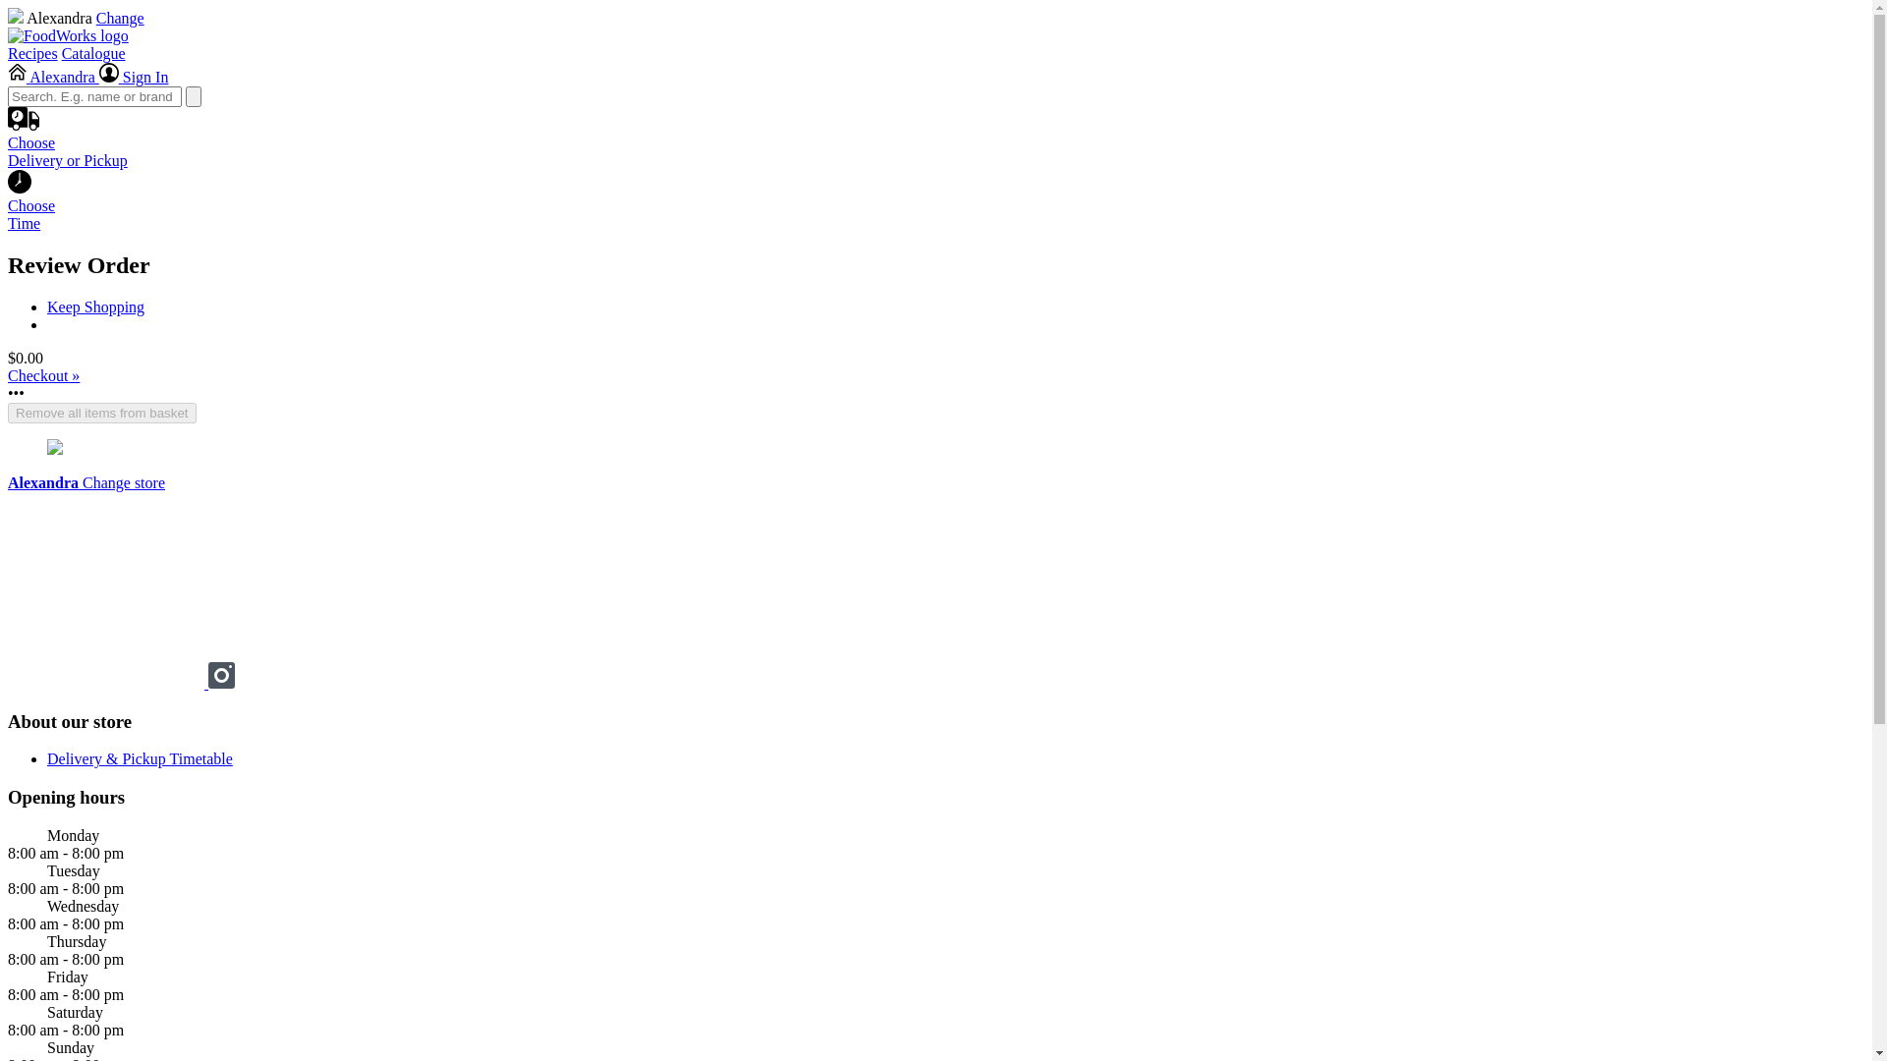  What do you see at coordinates (139, 757) in the screenshot?
I see `'Delivery & Pickup Timetable'` at bounding box center [139, 757].